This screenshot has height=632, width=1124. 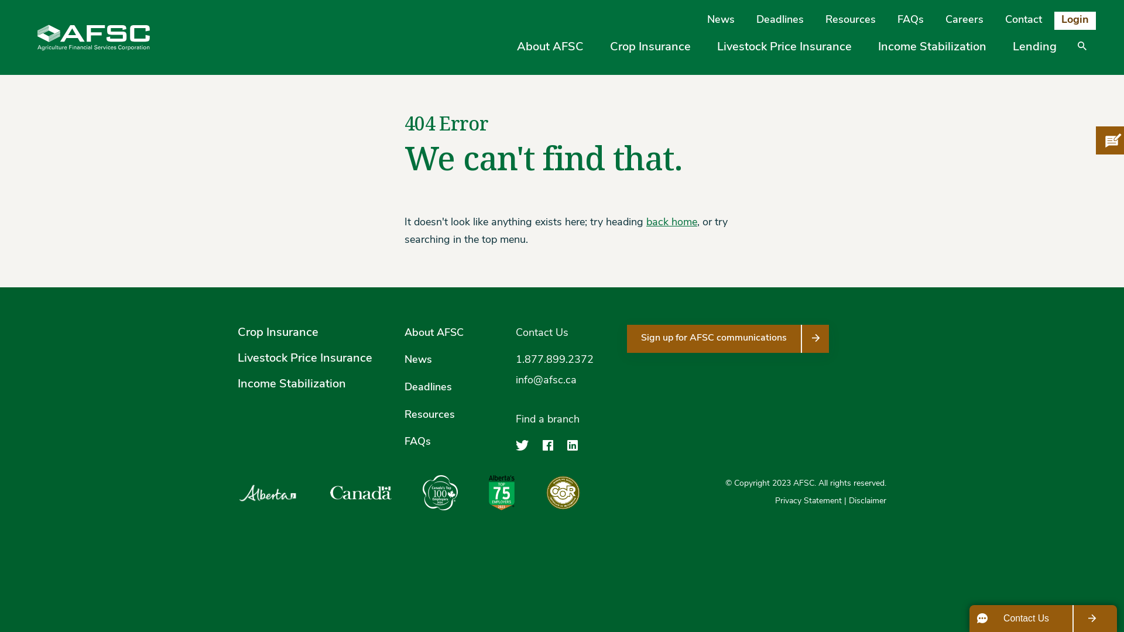 What do you see at coordinates (1023, 20) in the screenshot?
I see `'Contact'` at bounding box center [1023, 20].